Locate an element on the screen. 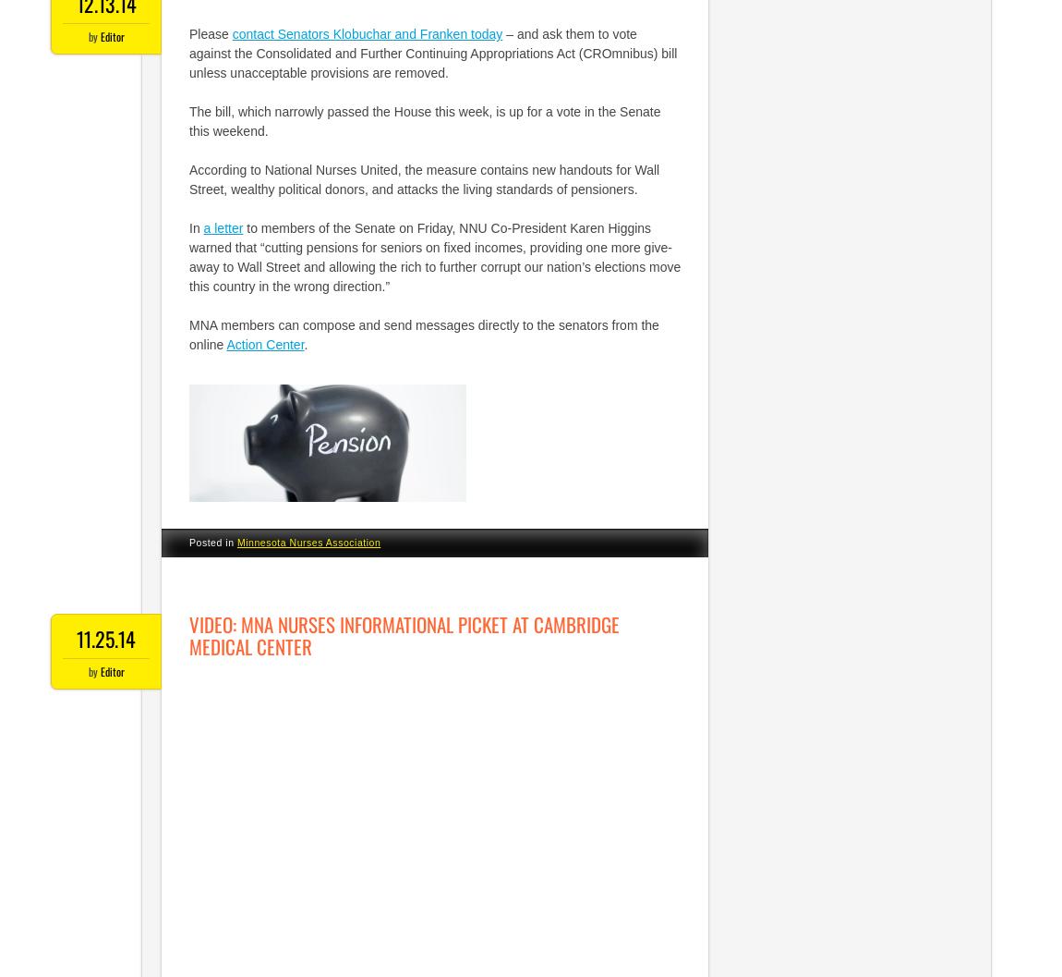  'MNA members can compose and send messages directly to the senators from the online' is located at coordinates (423, 335).